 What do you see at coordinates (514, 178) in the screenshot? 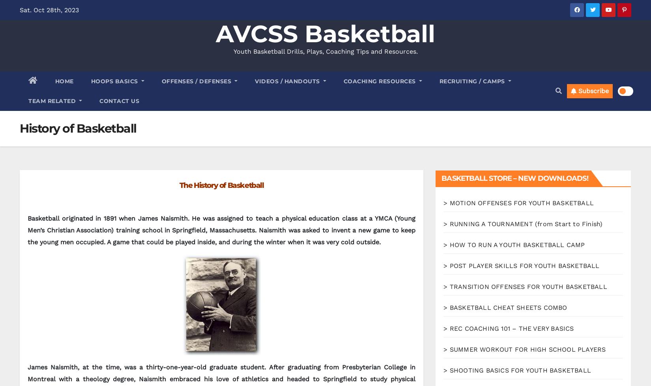
I see `'BASKETBALL STORE – NEW DOWNLOADS!'` at bounding box center [514, 178].